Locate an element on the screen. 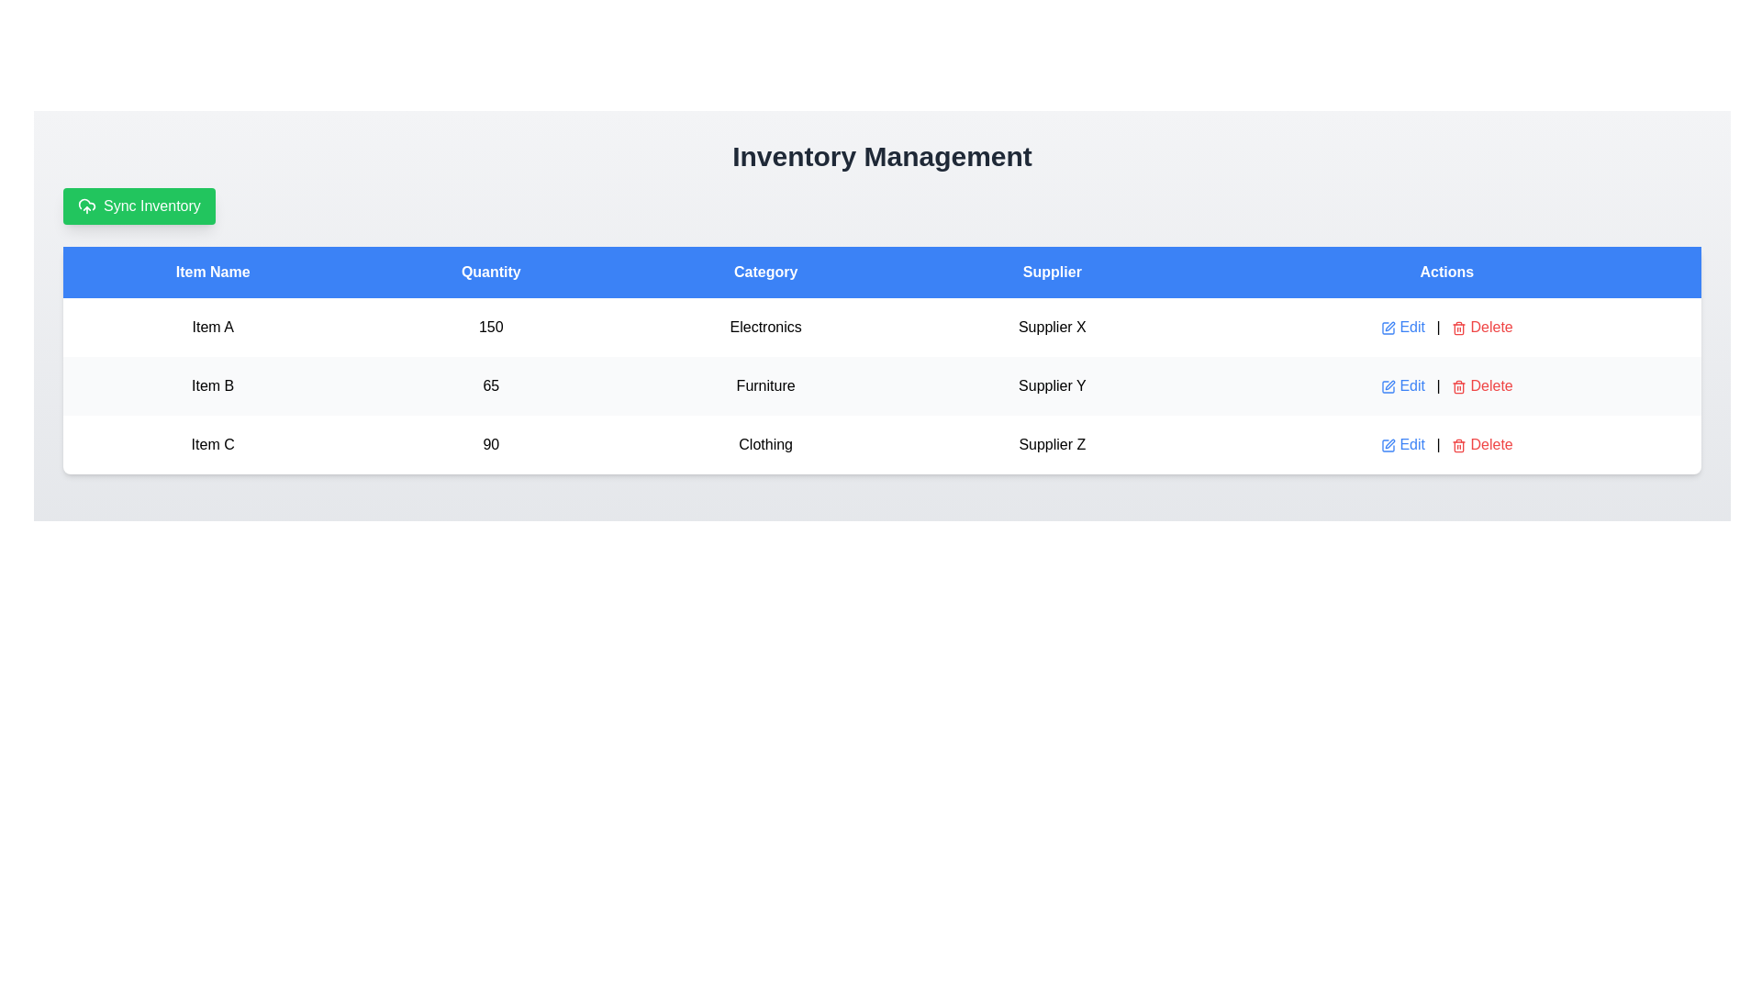 The width and height of the screenshot is (1762, 991). the 'Edit' button located is located at coordinates (1401, 327).